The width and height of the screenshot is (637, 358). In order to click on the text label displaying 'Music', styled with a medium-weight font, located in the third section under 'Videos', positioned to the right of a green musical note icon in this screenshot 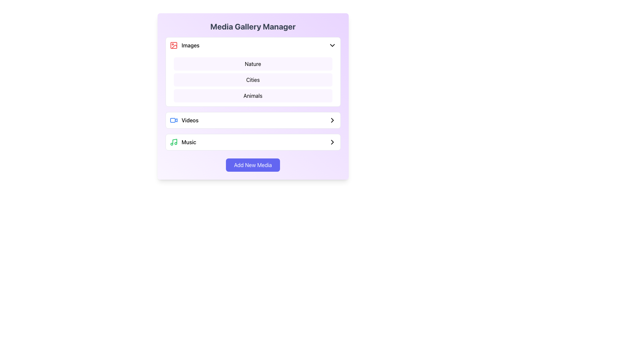, I will do `click(183, 142)`.